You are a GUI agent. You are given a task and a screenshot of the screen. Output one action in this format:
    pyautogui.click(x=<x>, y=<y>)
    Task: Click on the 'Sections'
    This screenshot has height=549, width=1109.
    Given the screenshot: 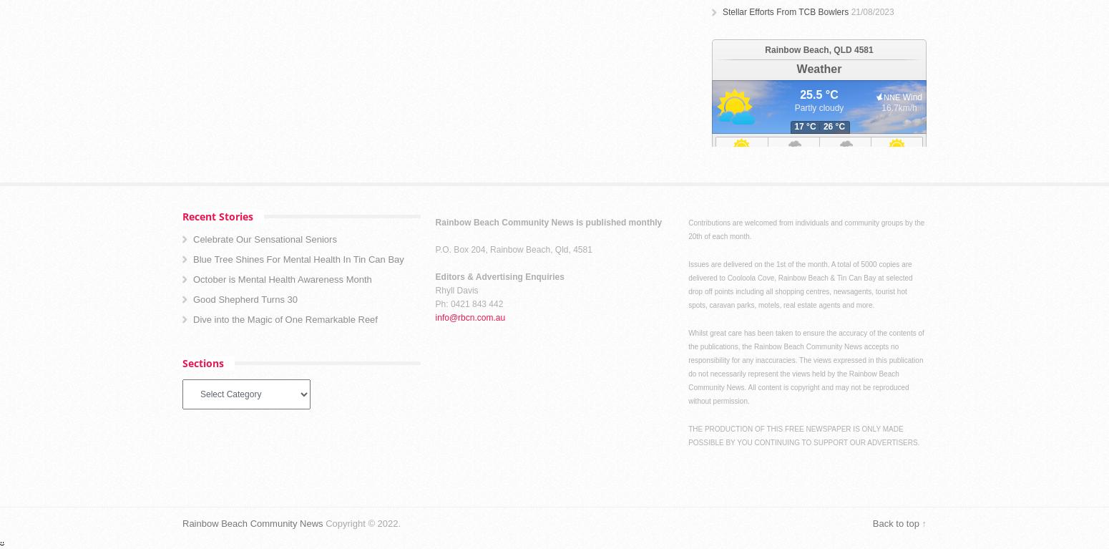 What is the action you would take?
    pyautogui.click(x=182, y=361)
    